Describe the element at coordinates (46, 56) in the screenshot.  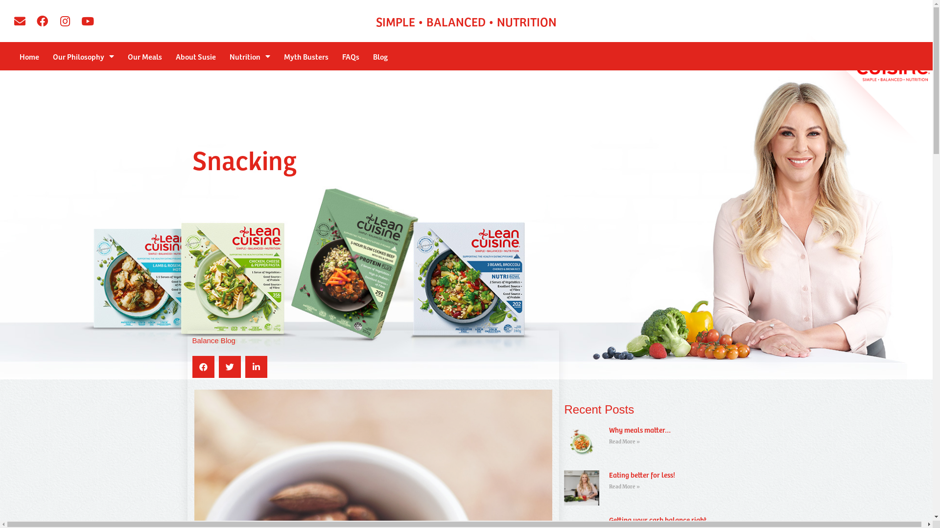
I see `'Our Philosophy'` at that location.